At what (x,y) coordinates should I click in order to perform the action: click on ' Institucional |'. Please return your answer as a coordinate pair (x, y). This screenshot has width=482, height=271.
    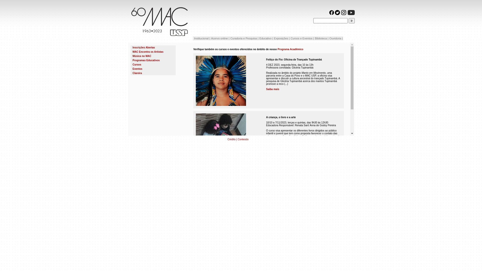
    Looking at the image, I should click on (202, 38).